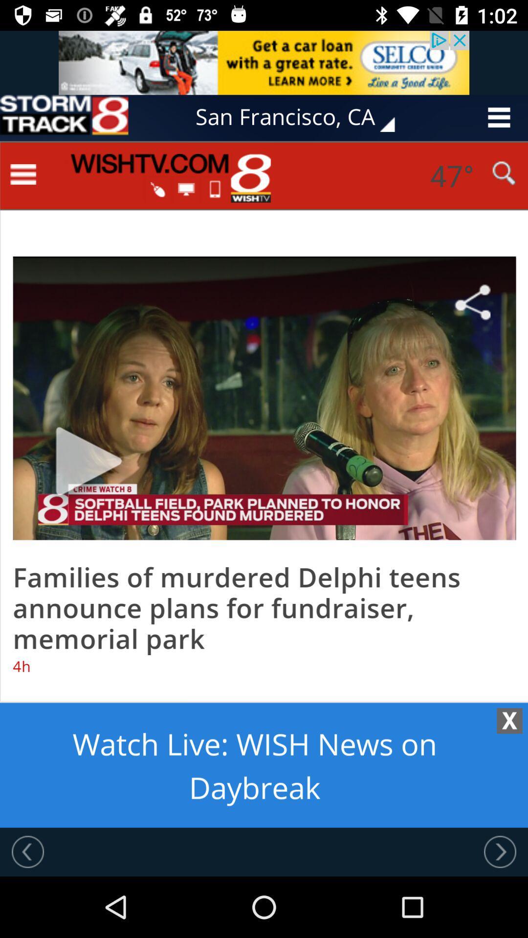 The image size is (528, 938). Describe the element at coordinates (264, 484) in the screenshot. I see `make advertisement` at that location.